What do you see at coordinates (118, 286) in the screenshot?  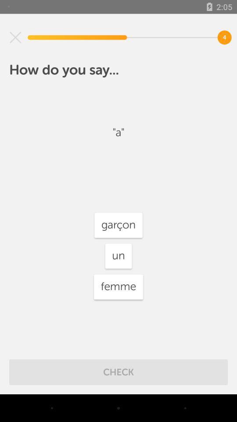 I see `item below un` at bounding box center [118, 286].